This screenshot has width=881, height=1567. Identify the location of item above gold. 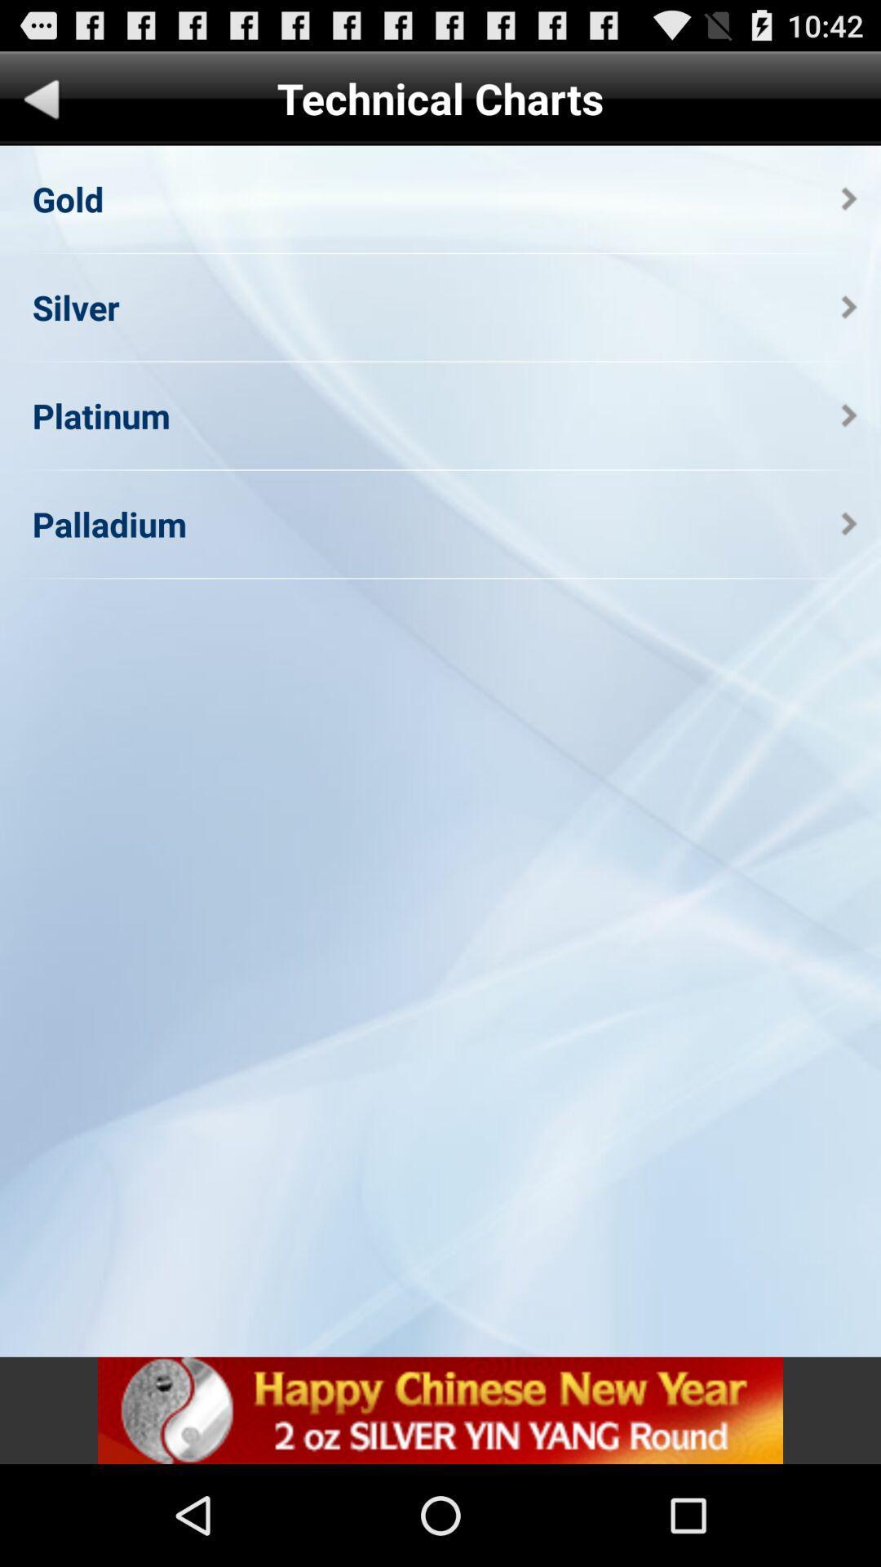
(41, 101).